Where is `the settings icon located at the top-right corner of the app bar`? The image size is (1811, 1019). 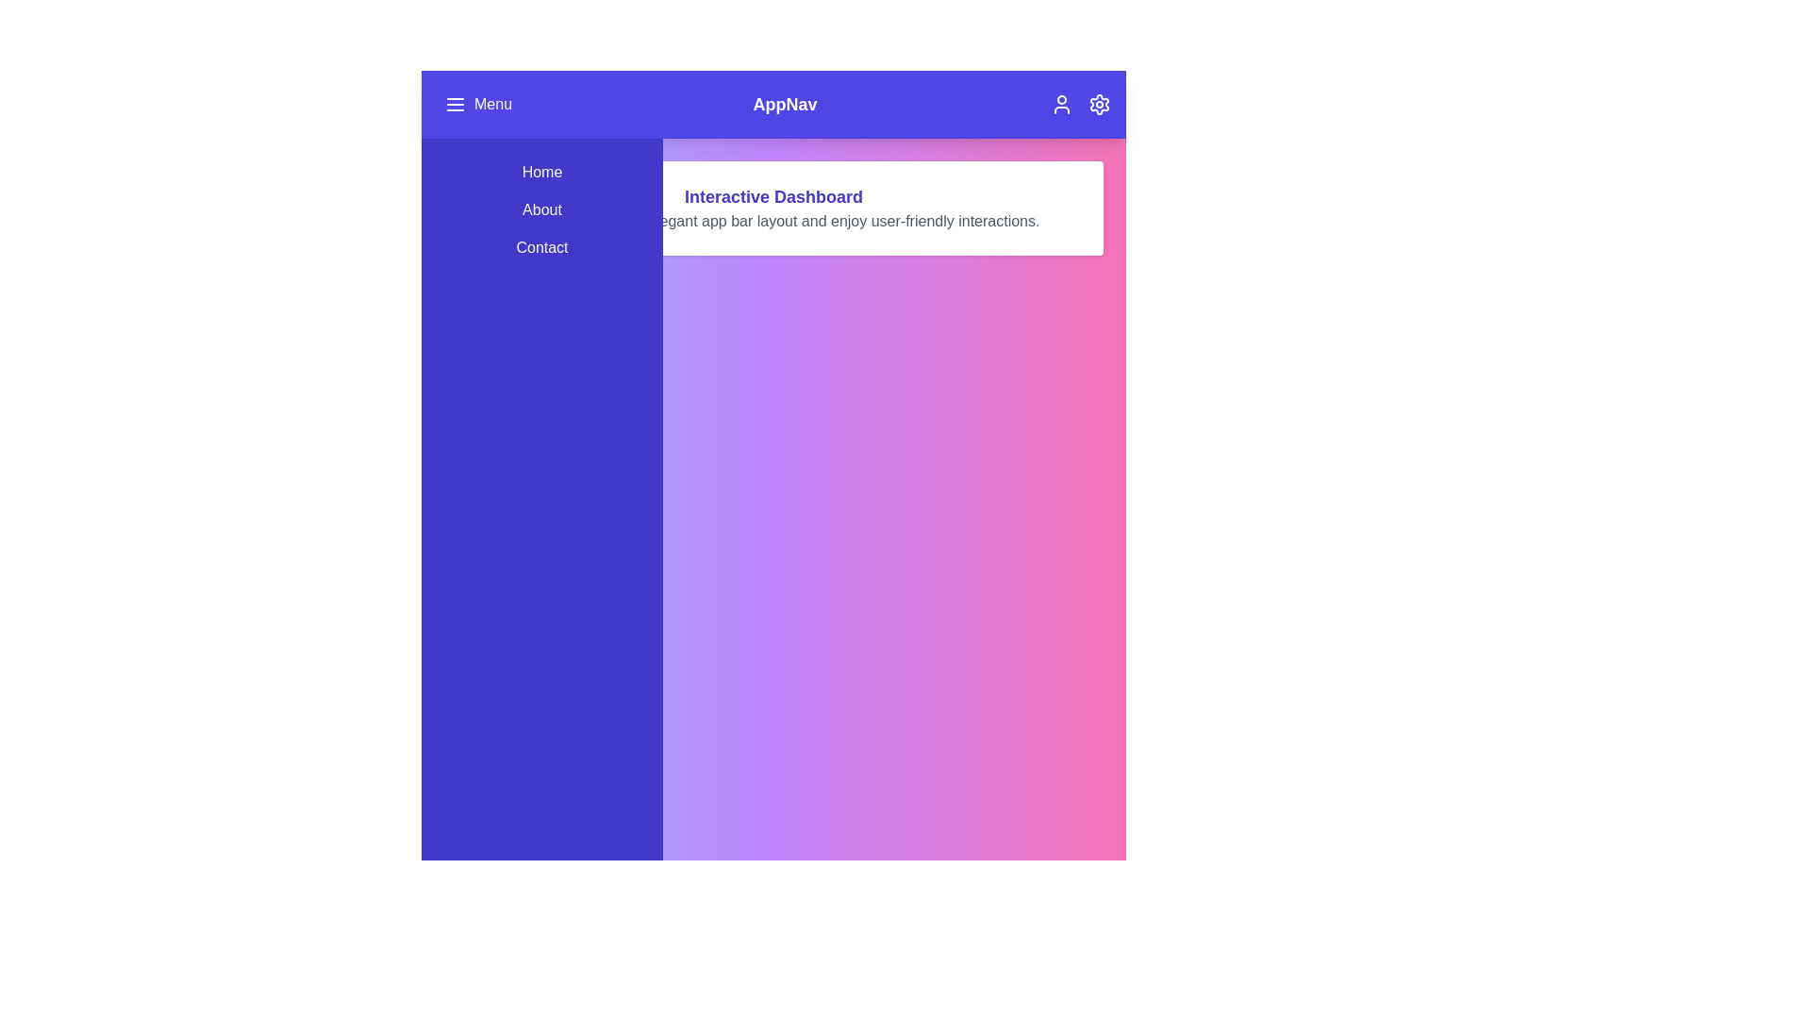
the settings icon located at the top-right corner of the app bar is located at coordinates (1100, 105).